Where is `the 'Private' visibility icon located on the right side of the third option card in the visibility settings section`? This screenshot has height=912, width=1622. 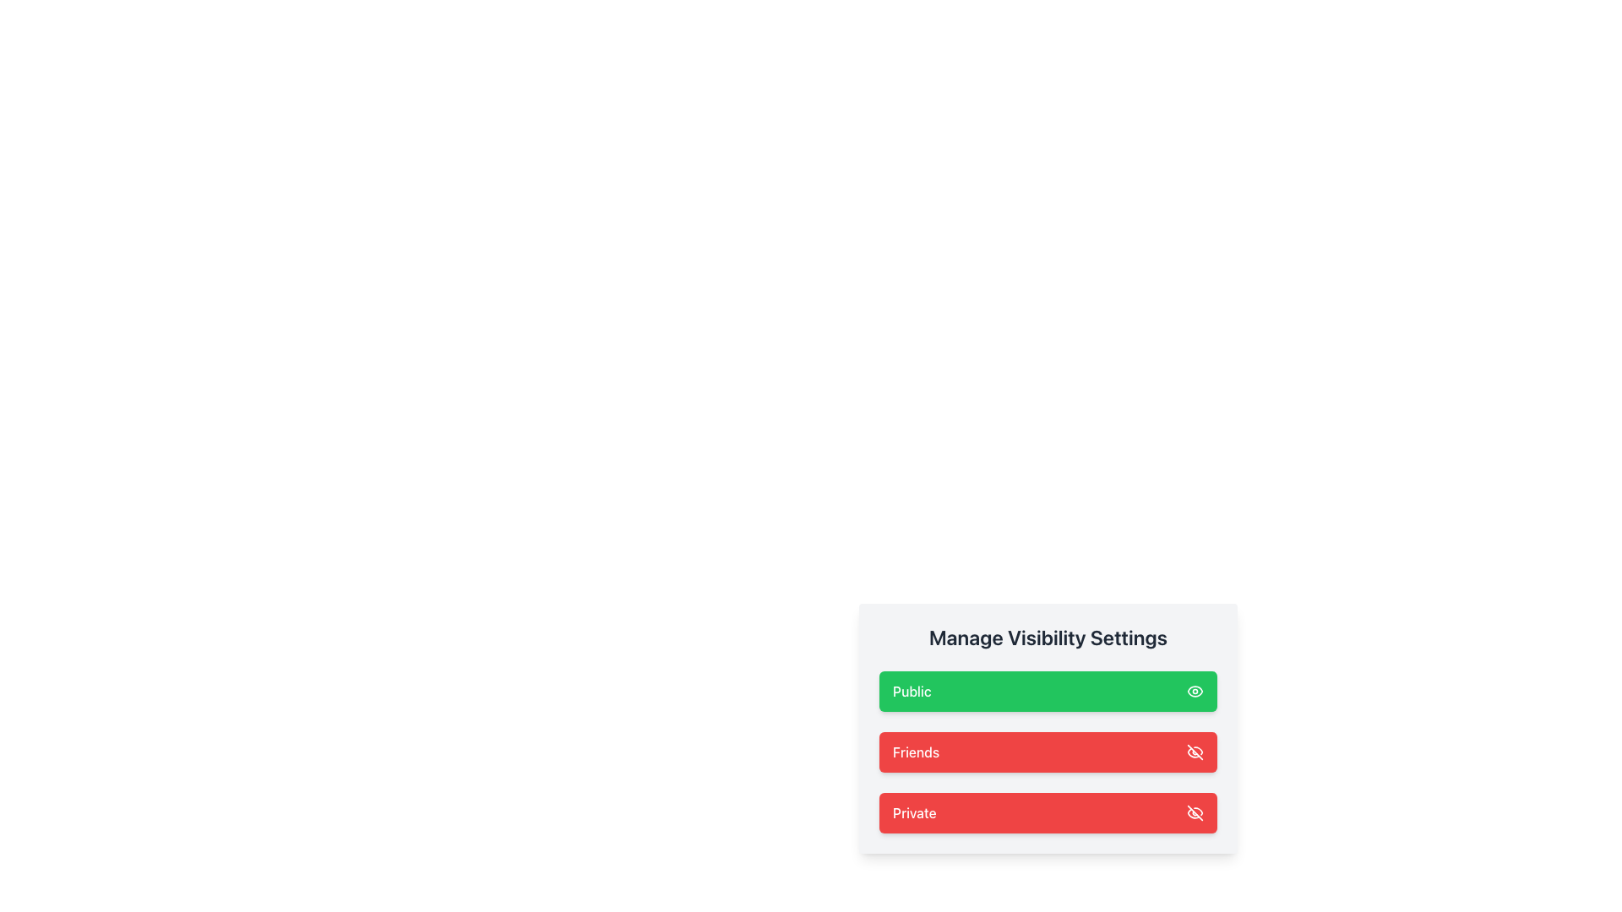
the 'Private' visibility icon located on the right side of the third option card in the visibility settings section is located at coordinates (1195, 812).